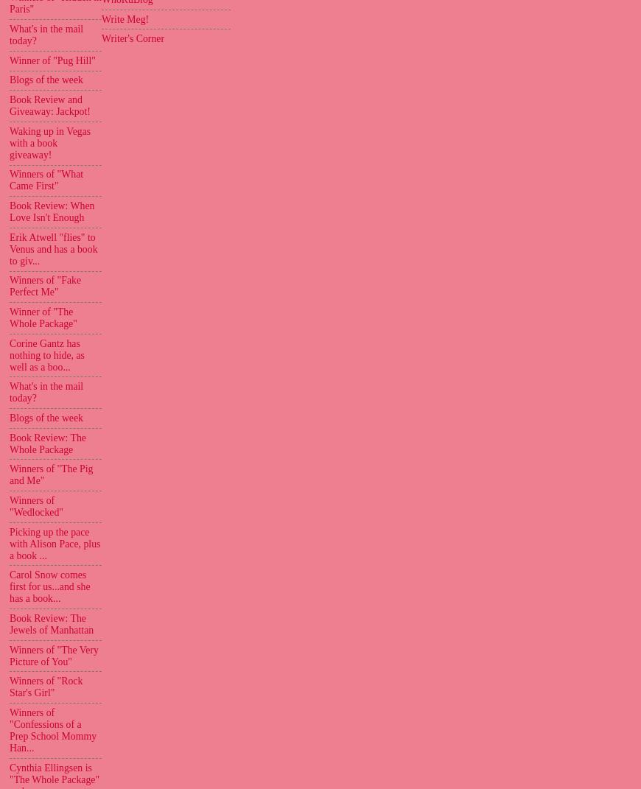 This screenshot has height=789, width=641. What do you see at coordinates (49, 586) in the screenshot?
I see `'Carol Snow comes first for us...and she has a book...'` at bounding box center [49, 586].